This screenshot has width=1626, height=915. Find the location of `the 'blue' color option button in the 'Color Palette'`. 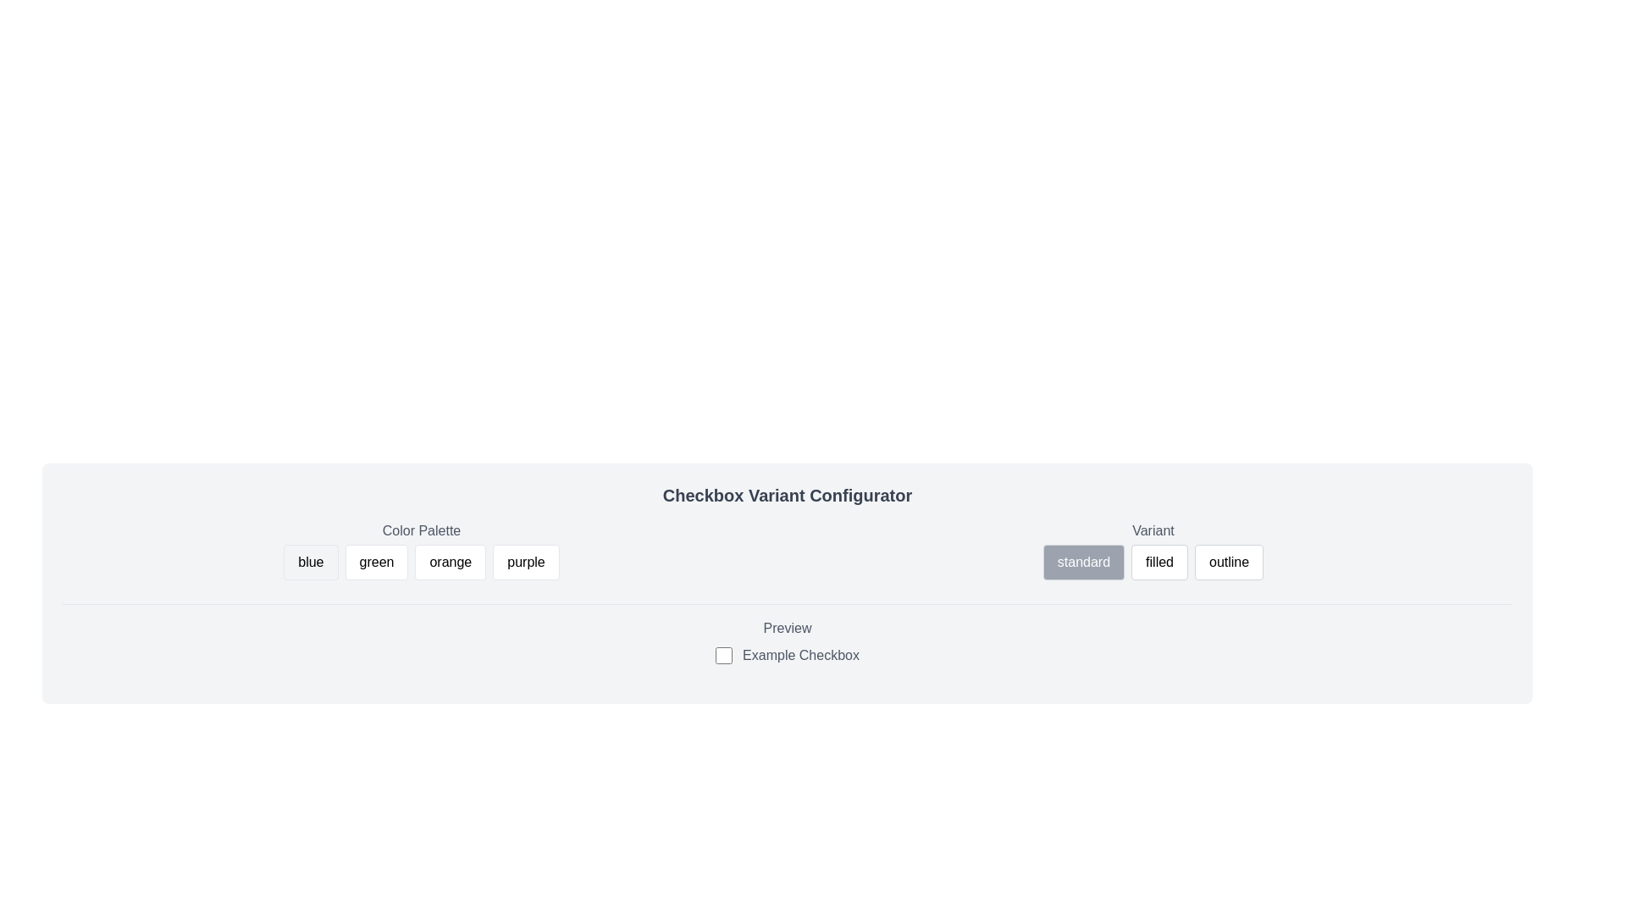

the 'blue' color option button in the 'Color Palette' is located at coordinates (311, 562).